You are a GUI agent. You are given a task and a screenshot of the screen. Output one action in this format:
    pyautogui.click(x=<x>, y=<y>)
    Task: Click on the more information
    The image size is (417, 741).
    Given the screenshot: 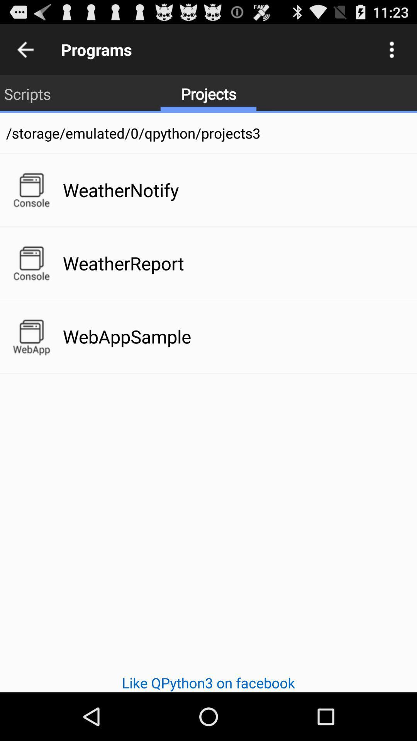 What is the action you would take?
    pyautogui.click(x=392, y=49)
    